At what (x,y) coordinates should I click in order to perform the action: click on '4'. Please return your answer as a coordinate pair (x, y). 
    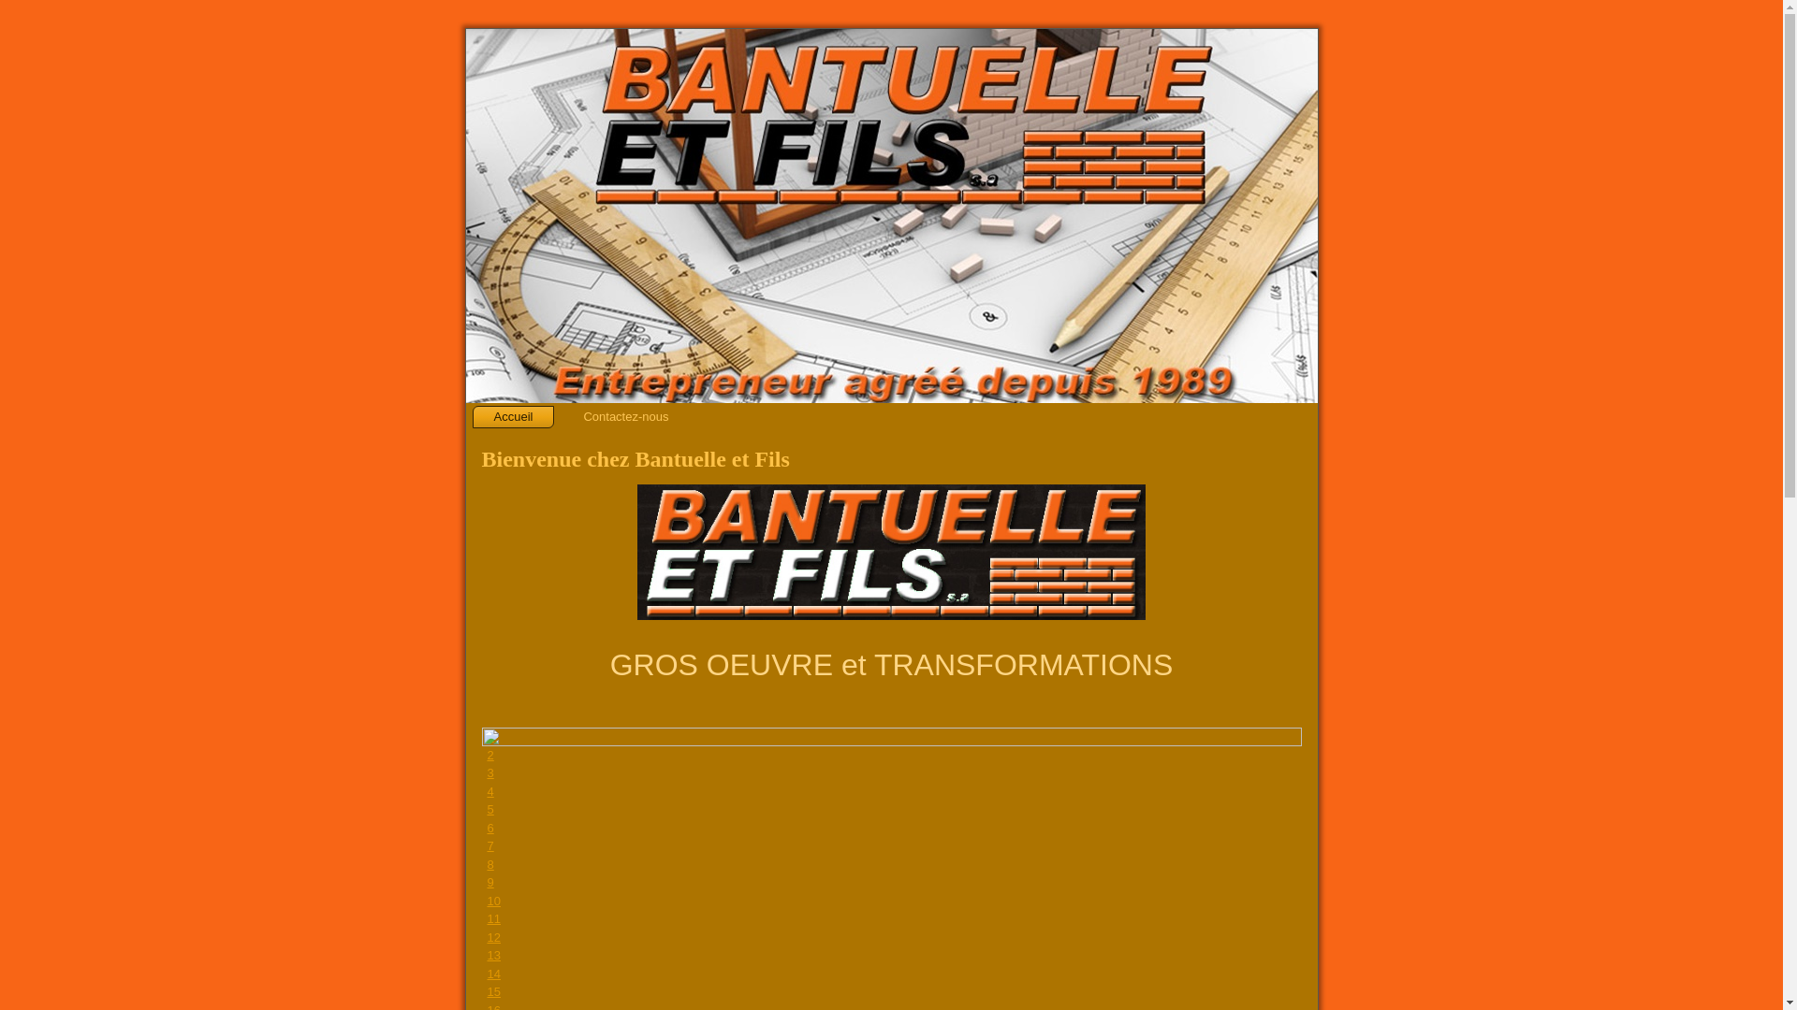
    Looking at the image, I should click on (489, 790).